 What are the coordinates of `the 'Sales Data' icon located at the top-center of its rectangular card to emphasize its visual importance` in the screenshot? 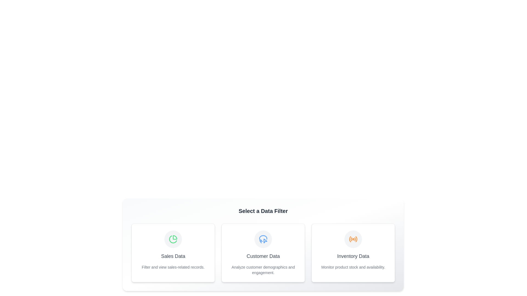 It's located at (173, 239).